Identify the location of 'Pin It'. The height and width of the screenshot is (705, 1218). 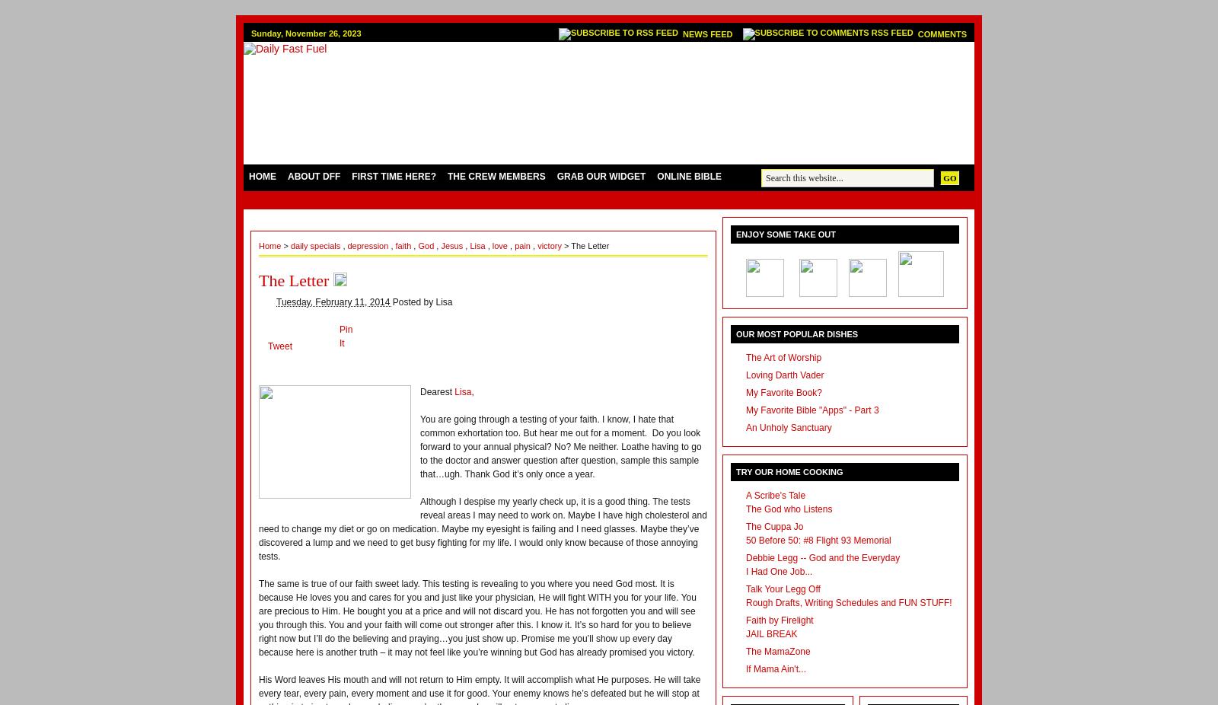
(338, 336).